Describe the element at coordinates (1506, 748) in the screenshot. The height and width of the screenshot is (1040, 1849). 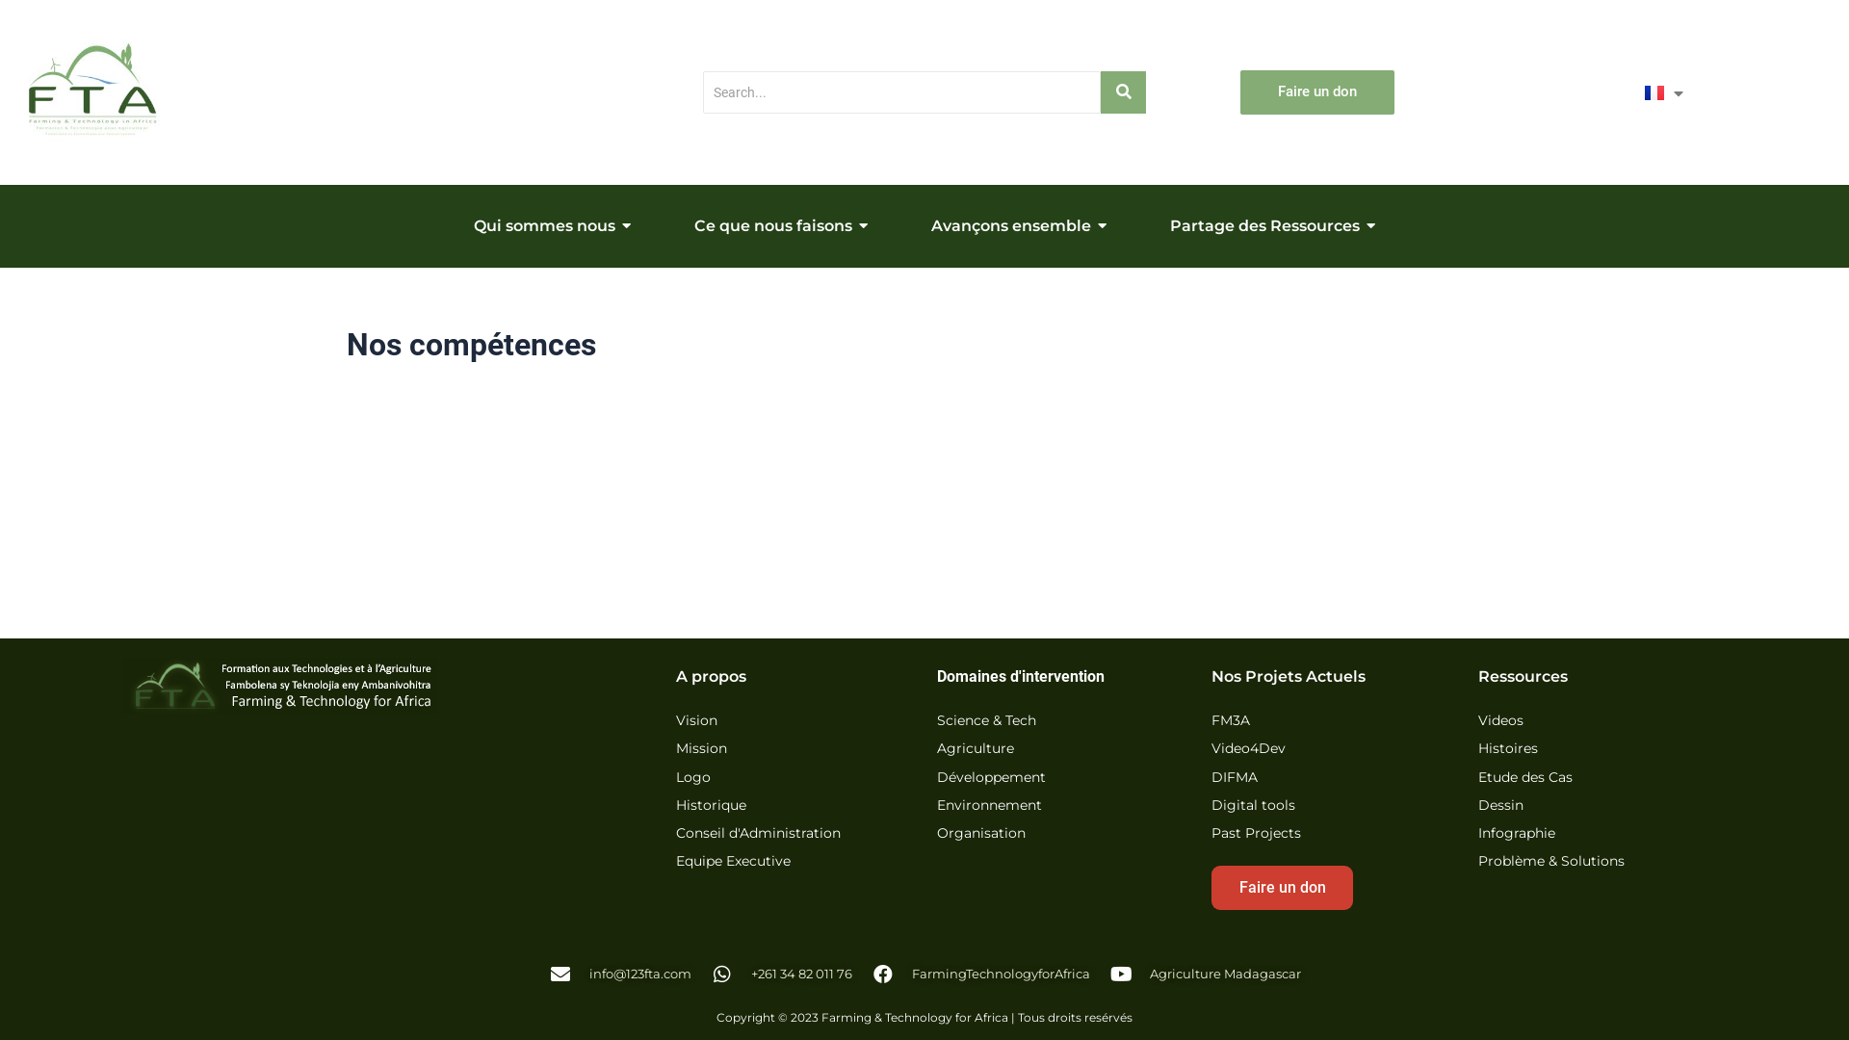
I see `'Histoires'` at that location.